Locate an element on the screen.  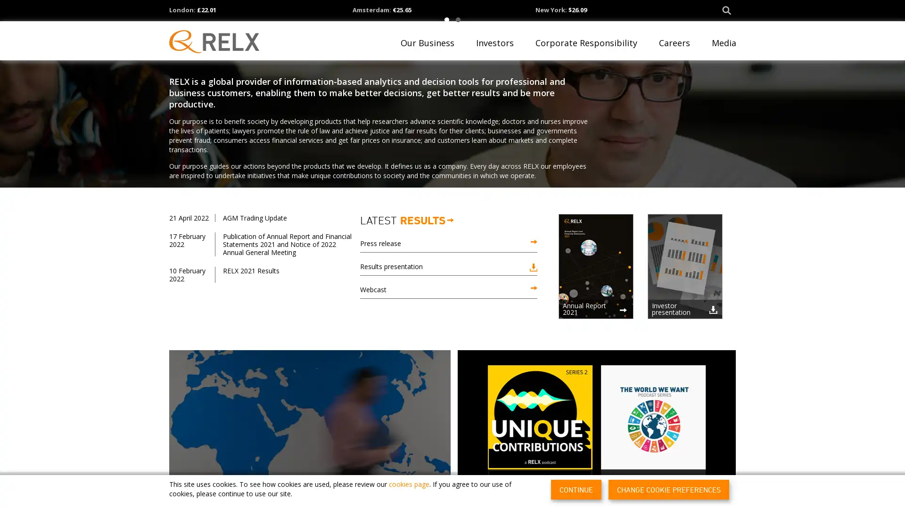
2 is located at coordinates (458, 20).